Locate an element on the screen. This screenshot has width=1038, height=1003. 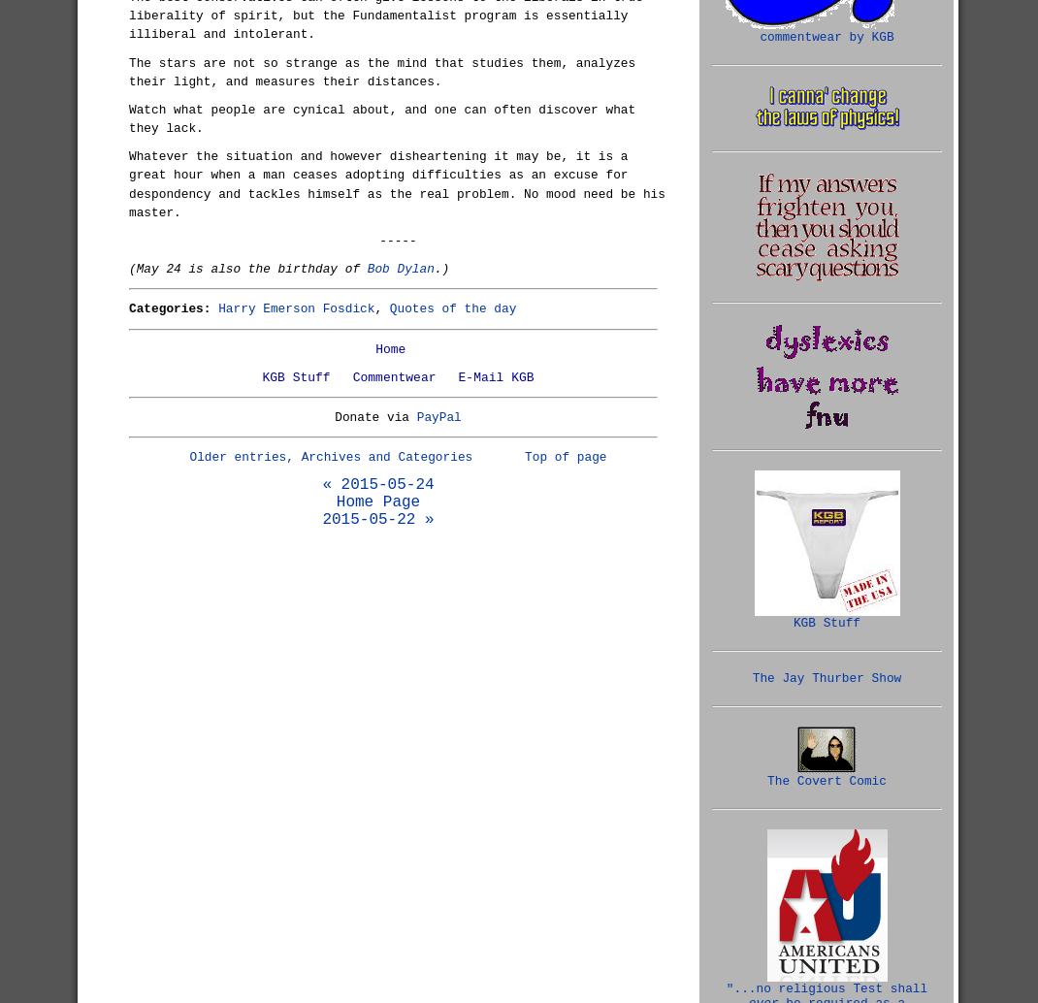
'-----' is located at coordinates (397, 241).